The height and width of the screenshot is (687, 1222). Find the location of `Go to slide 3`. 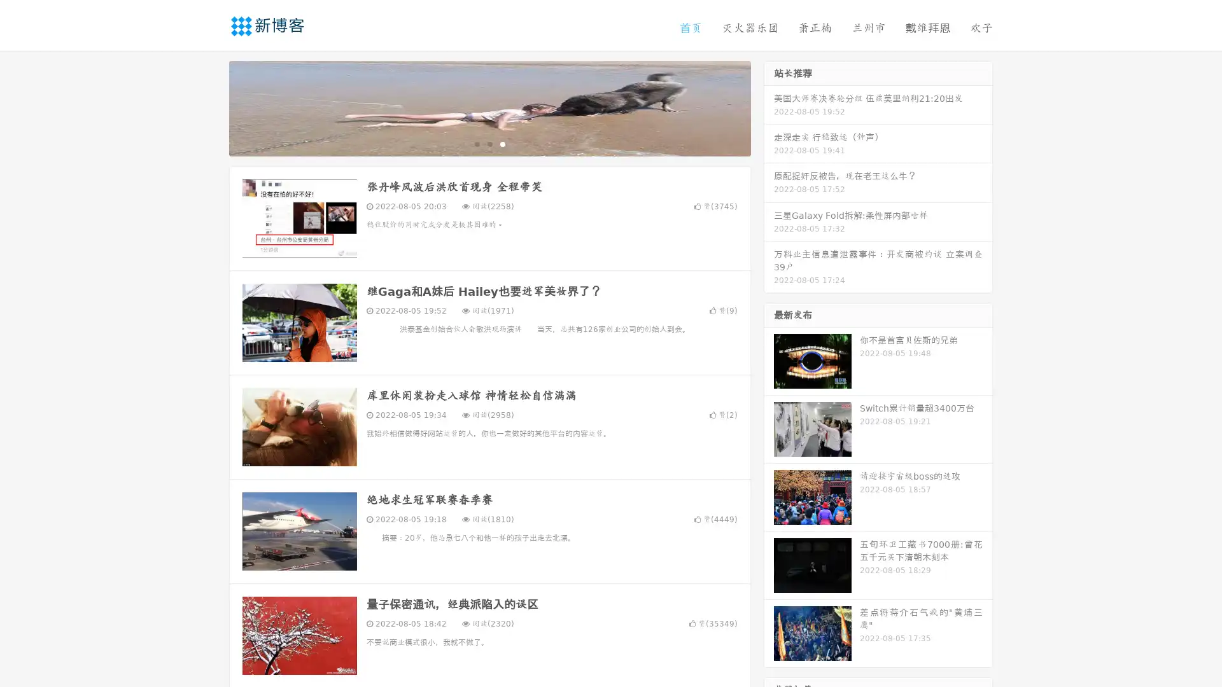

Go to slide 3 is located at coordinates (502, 143).